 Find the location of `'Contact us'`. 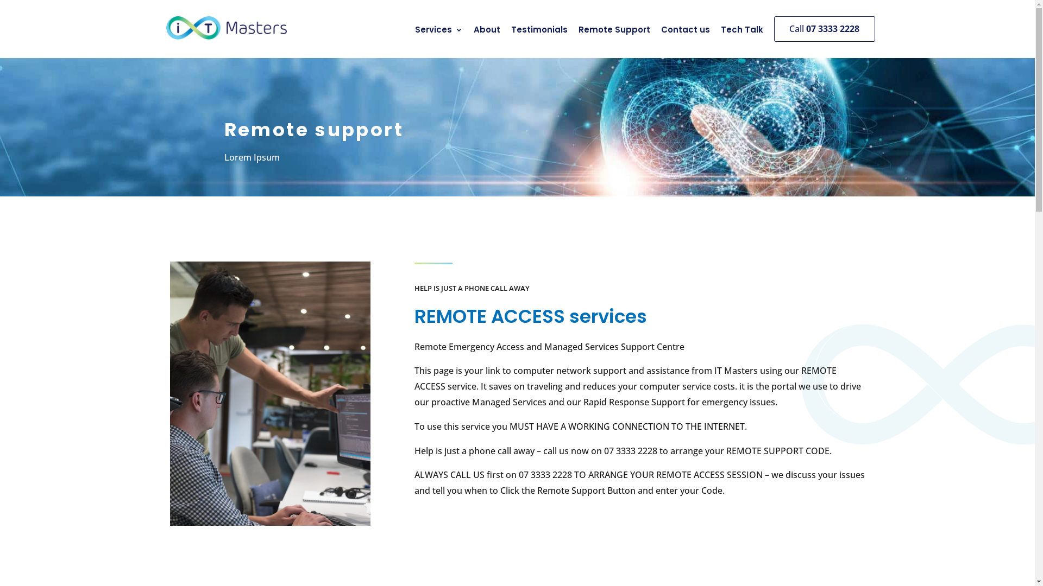

'Contact us' is located at coordinates (681, 31).